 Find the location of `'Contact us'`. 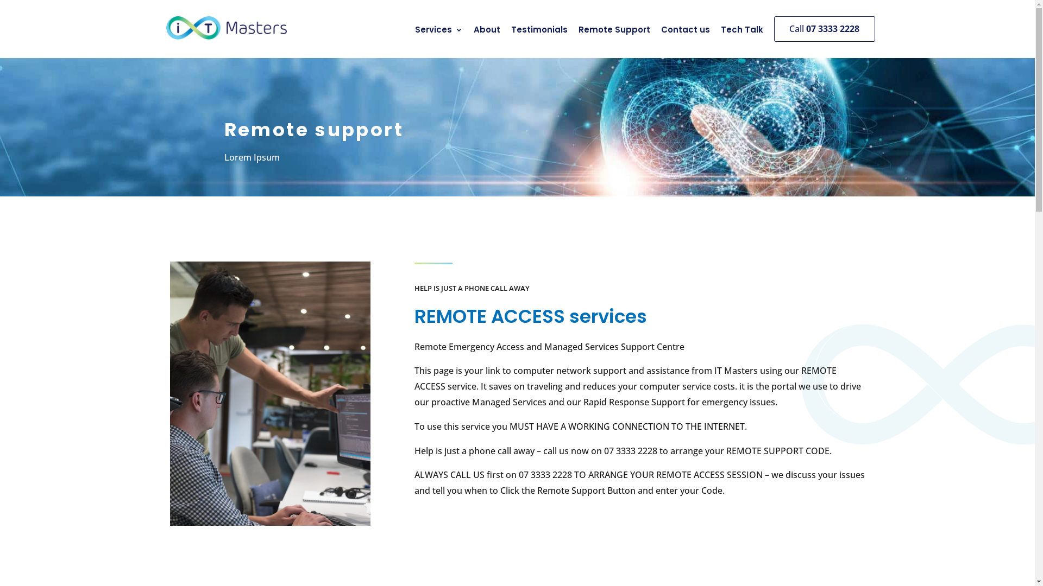

'Contact us' is located at coordinates (681, 31).